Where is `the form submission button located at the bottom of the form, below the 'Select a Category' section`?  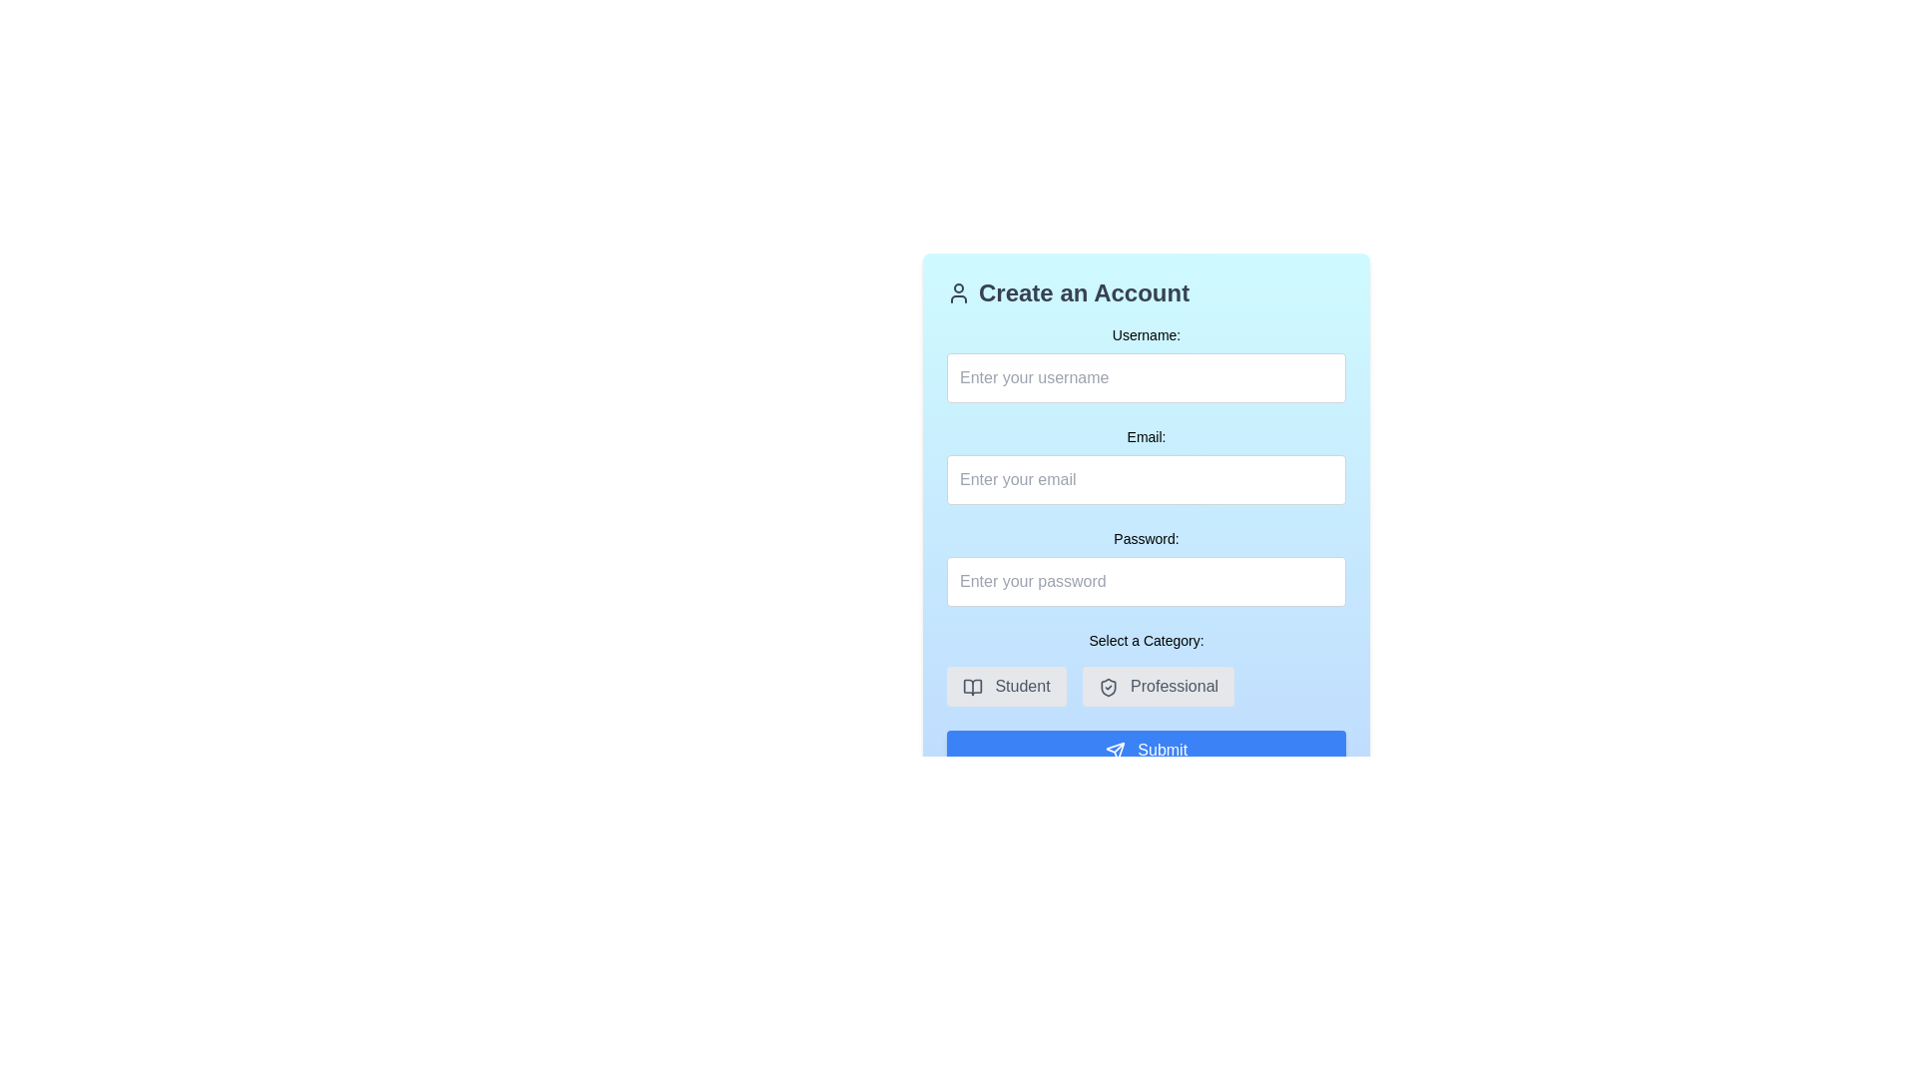
the form submission button located at the bottom of the form, below the 'Select a Category' section is located at coordinates (1146, 751).